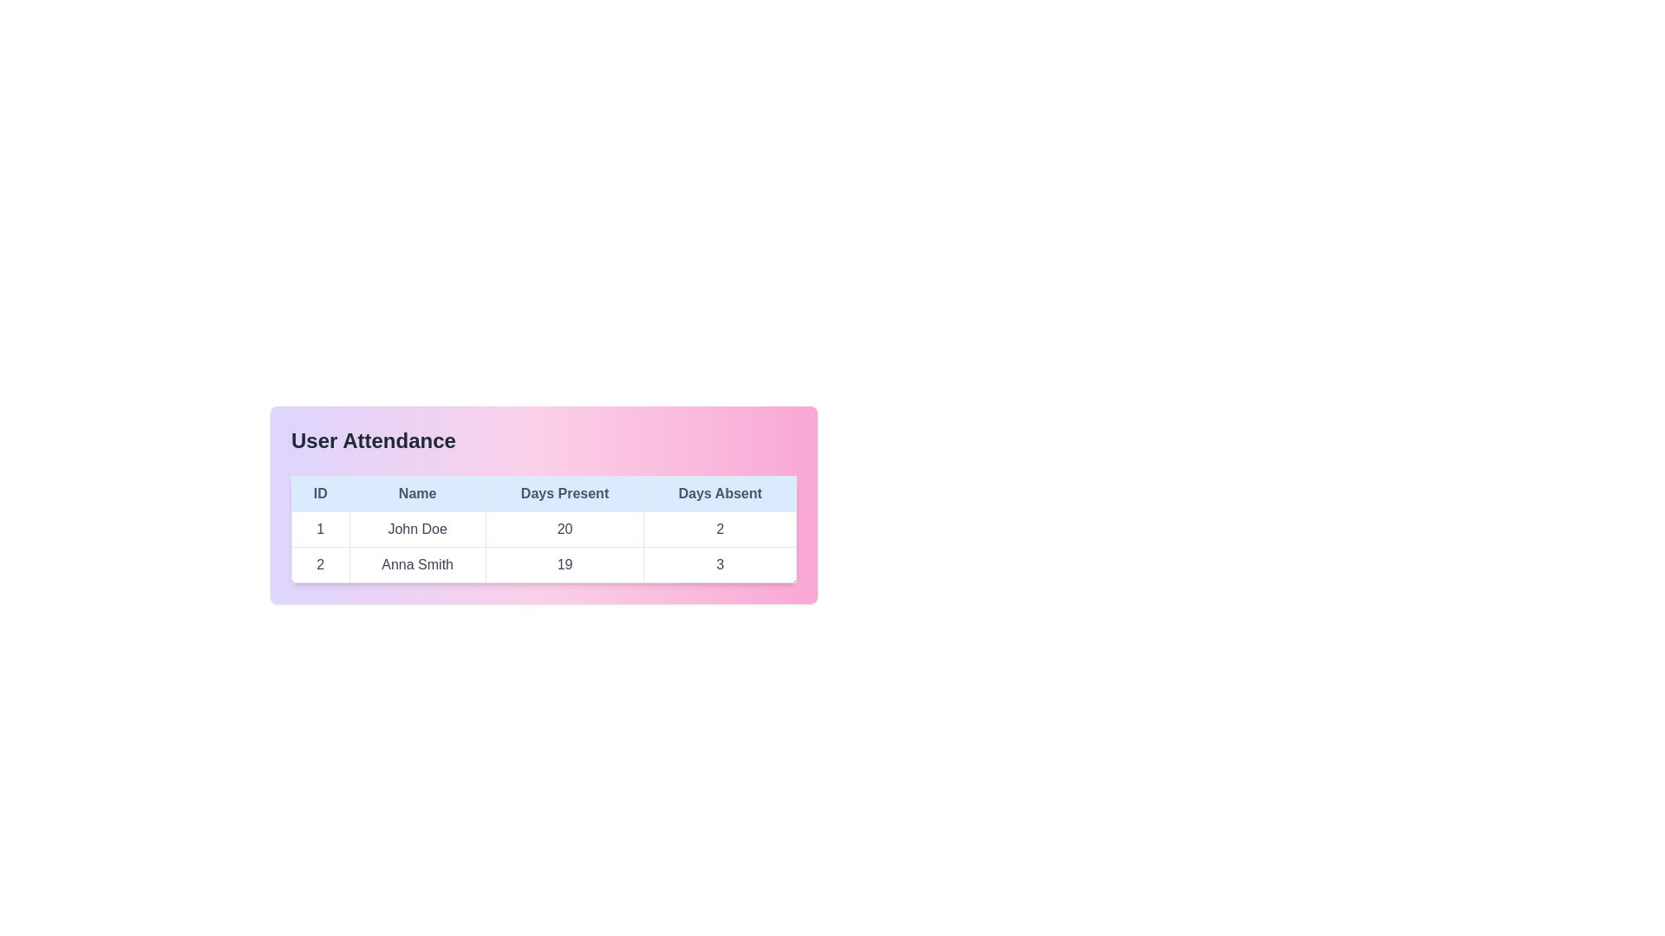 This screenshot has height=936, width=1665. I want to click on data presented in the rows and columns of the stylized Data table labeled 'User Attendance', which features a gradient background and contains columns for ID, Name, Days Present, and Days Absent, so click(543, 504).